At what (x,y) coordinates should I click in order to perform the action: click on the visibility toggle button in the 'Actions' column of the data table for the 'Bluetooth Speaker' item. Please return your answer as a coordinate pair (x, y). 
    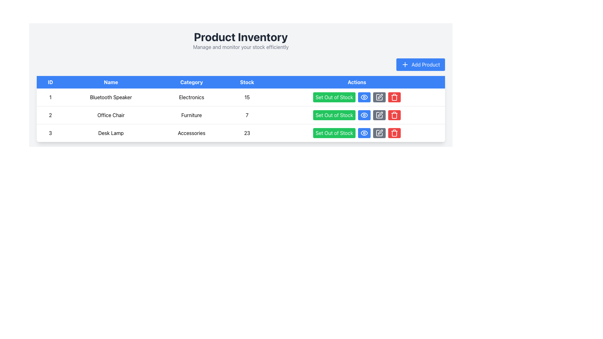
    Looking at the image, I should click on (364, 97).